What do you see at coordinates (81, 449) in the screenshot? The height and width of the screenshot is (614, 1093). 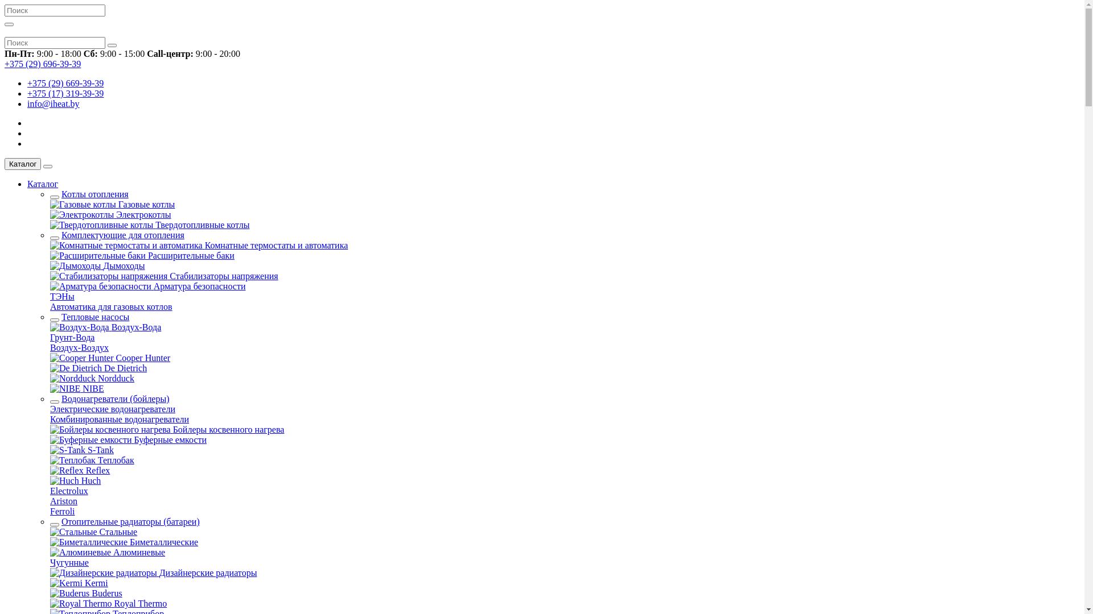 I see `'S-Tank'` at bounding box center [81, 449].